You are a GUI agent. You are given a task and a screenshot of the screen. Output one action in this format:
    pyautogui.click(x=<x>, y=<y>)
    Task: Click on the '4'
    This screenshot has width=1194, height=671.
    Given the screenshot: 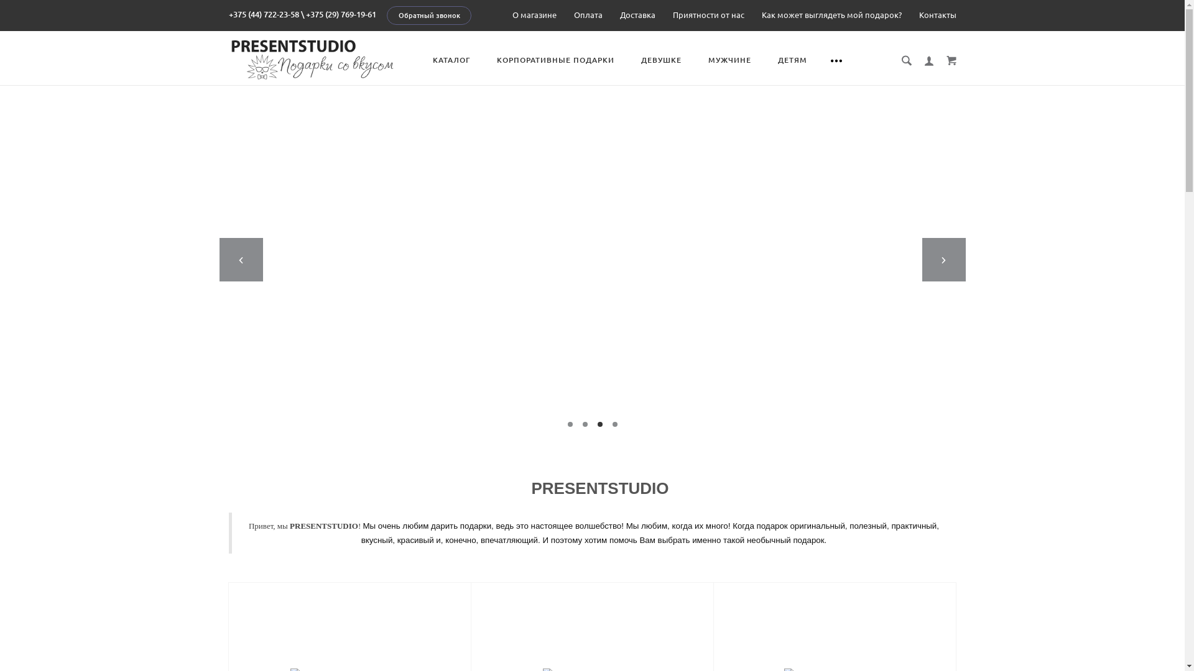 What is the action you would take?
    pyautogui.click(x=614, y=423)
    